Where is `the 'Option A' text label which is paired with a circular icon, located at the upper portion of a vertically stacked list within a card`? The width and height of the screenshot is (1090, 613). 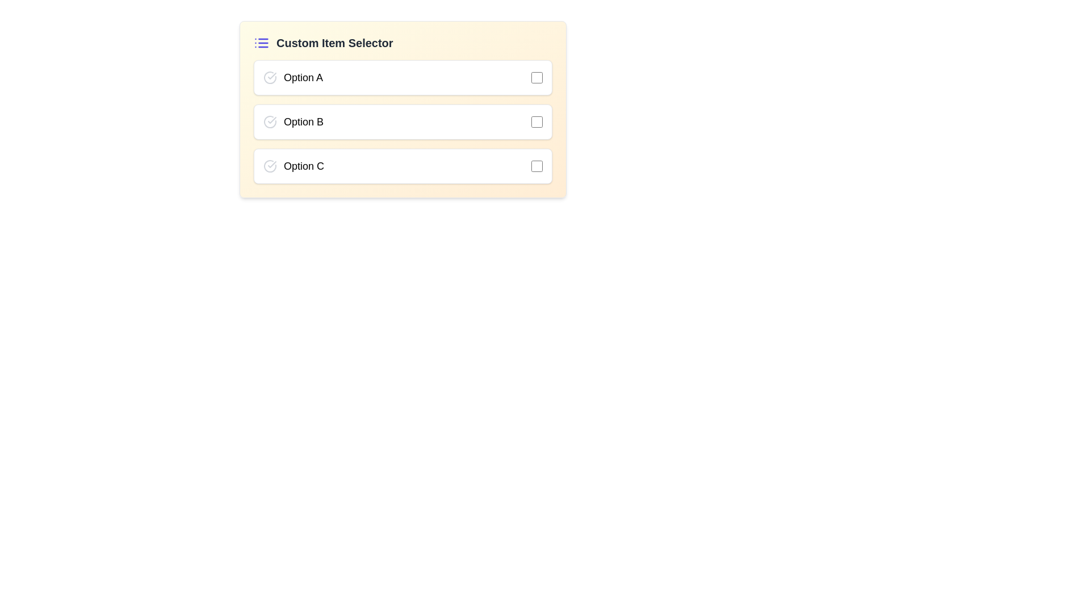 the 'Option A' text label which is paired with a circular icon, located at the upper portion of a vertically stacked list within a card is located at coordinates (293, 77).